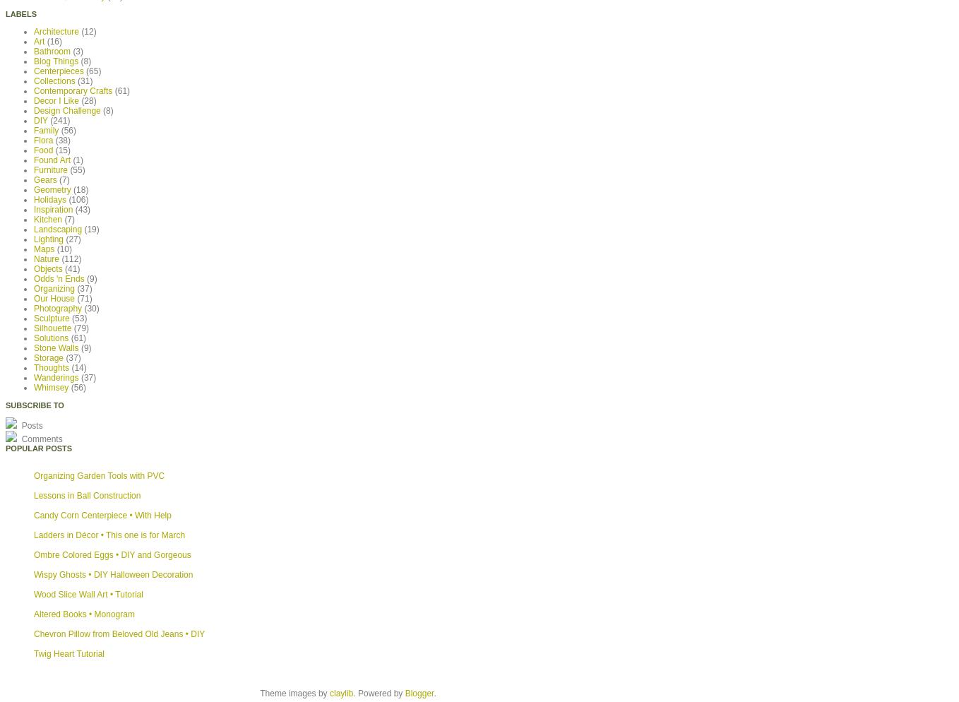 This screenshot has height=702, width=959. Describe the element at coordinates (379, 691) in the screenshot. I see `'. Powered by'` at that location.